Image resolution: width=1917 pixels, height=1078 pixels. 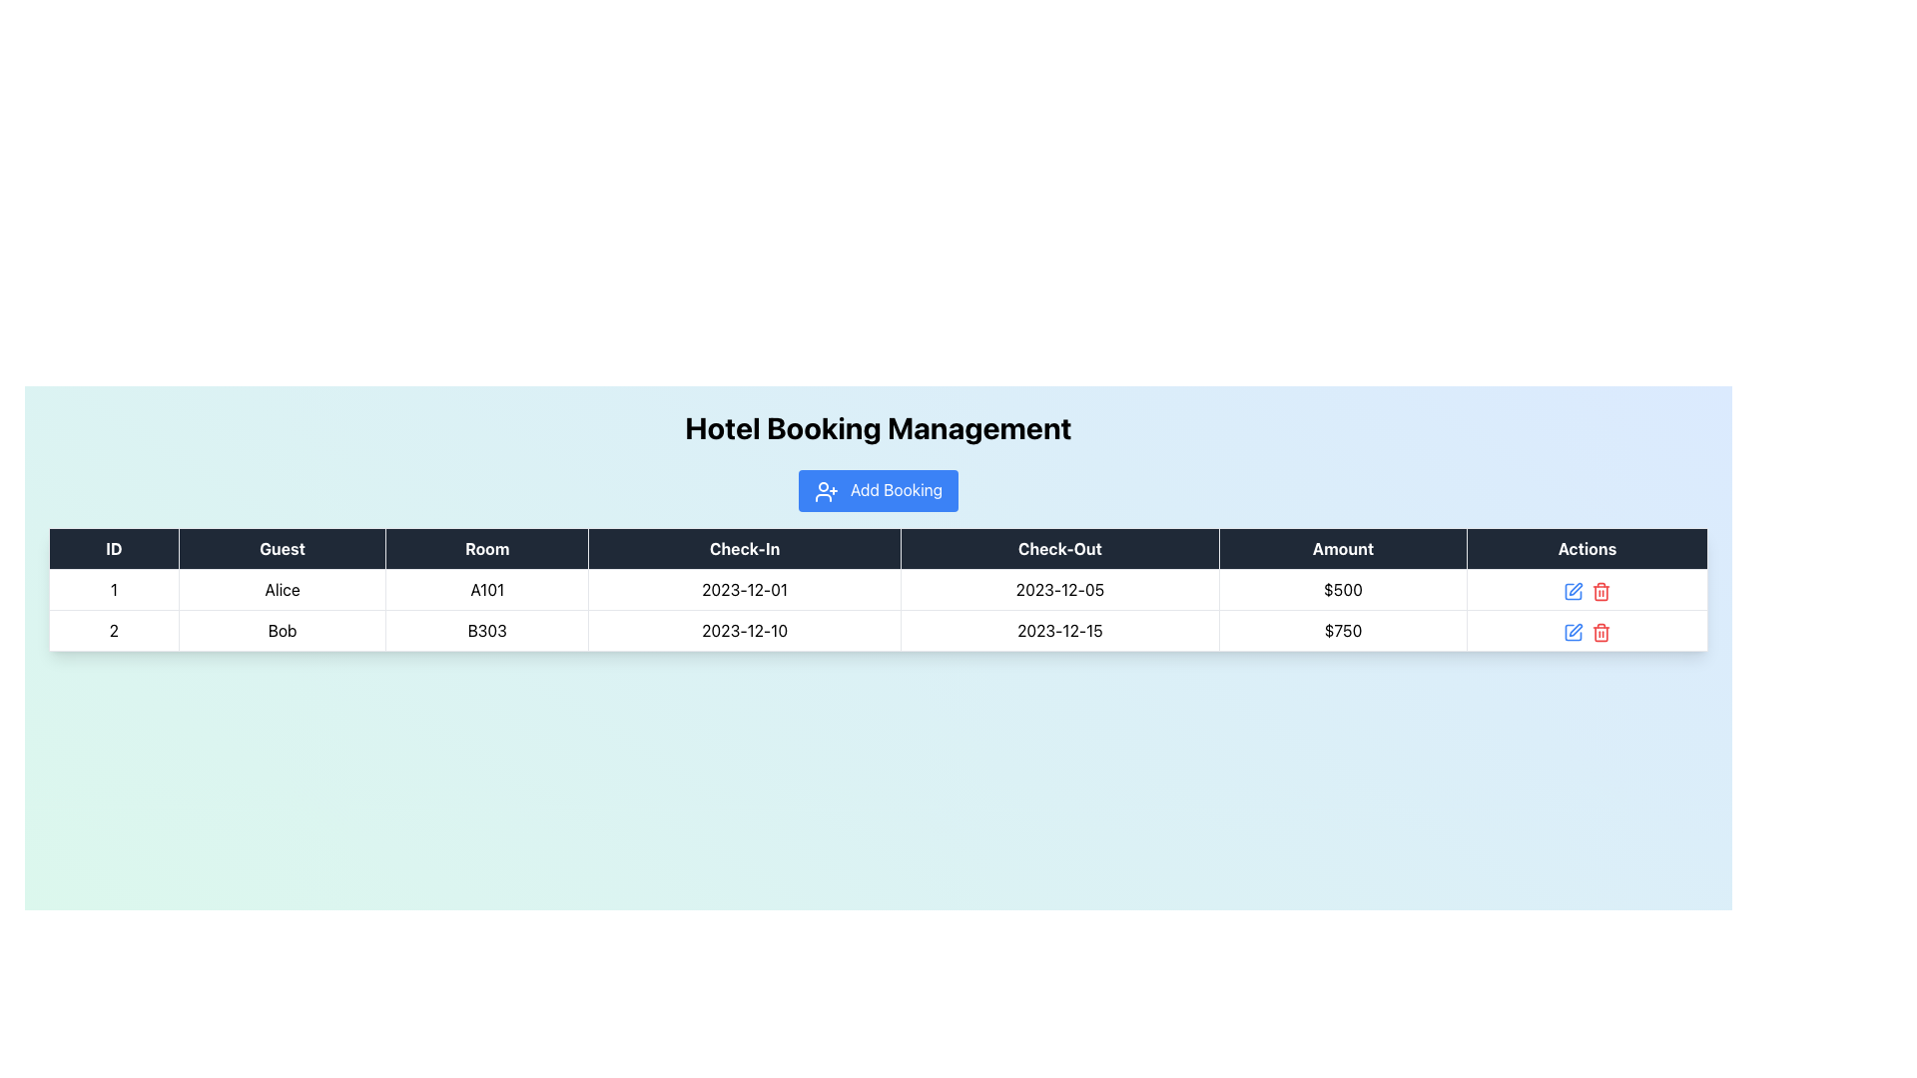 What do you see at coordinates (744, 588) in the screenshot?
I see `the table cell containing the date '2023-12-01' located in the fourth column of the first data row in the 'Check-In' column` at bounding box center [744, 588].